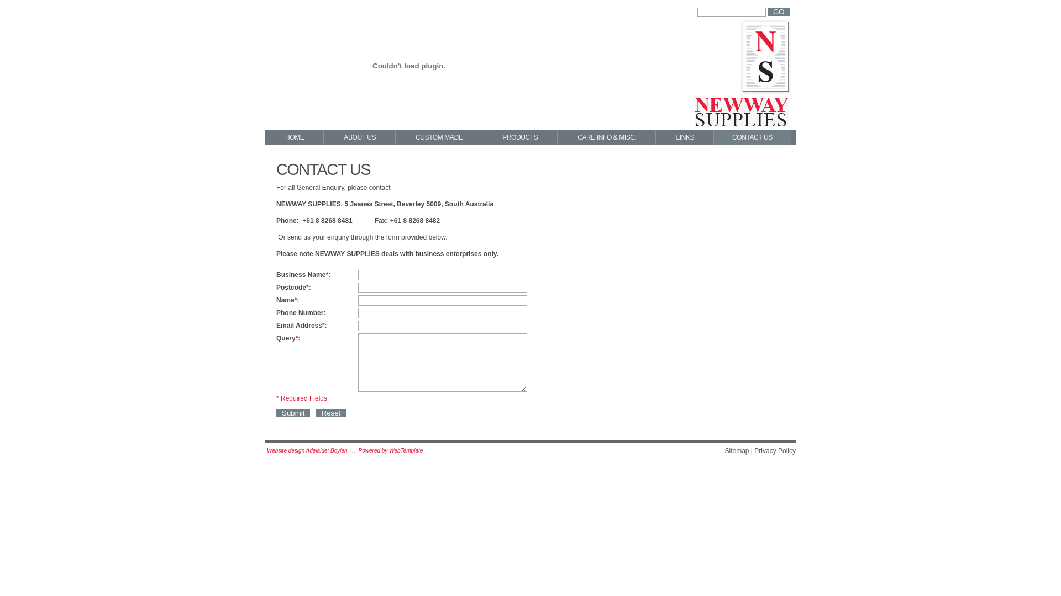 The width and height of the screenshot is (1061, 596). Describe the element at coordinates (276, 413) in the screenshot. I see `'Submit'` at that location.